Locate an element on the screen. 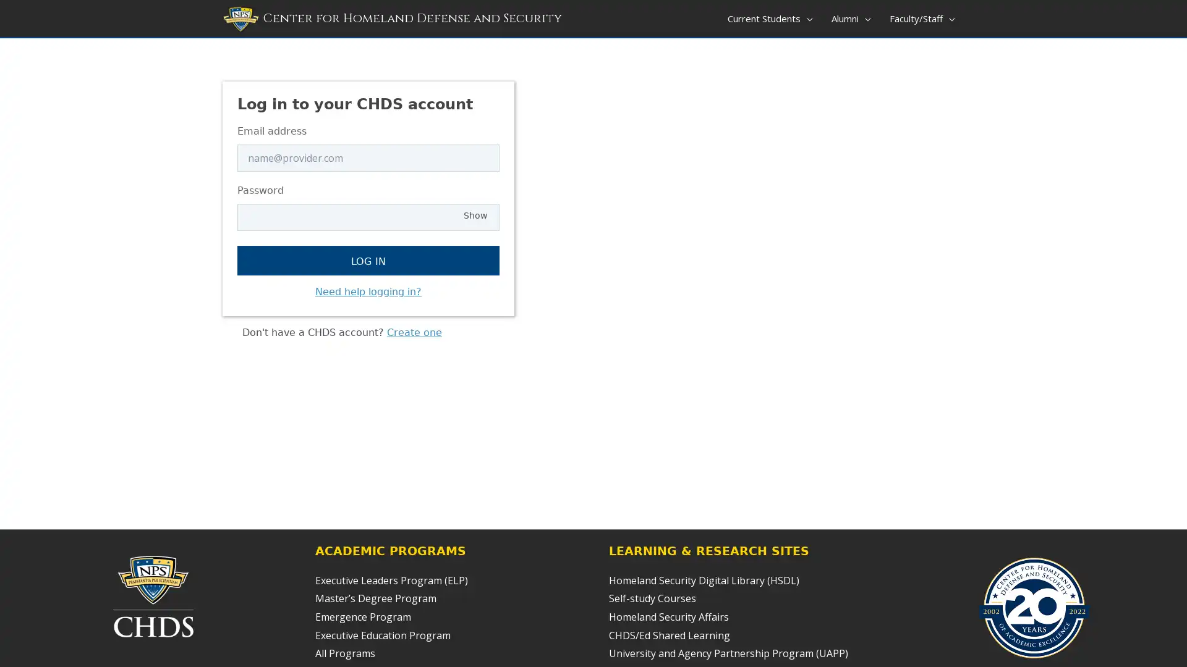  Log in is located at coordinates (367, 259).